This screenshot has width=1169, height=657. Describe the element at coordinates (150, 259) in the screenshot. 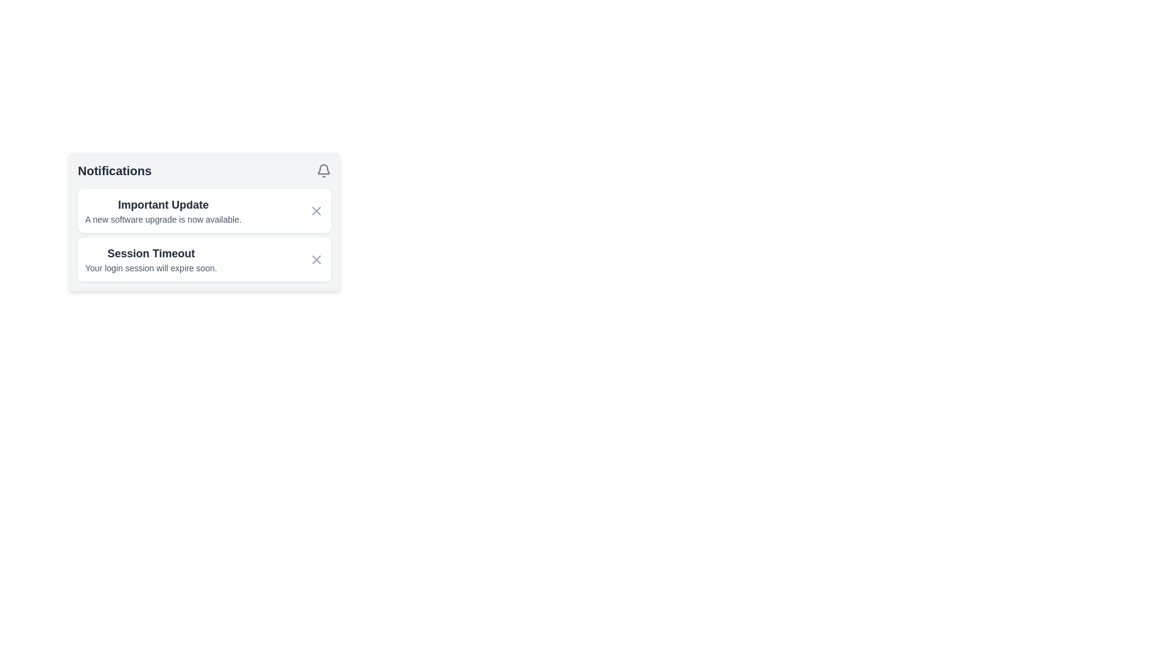

I see `text of the notification card that informs the user about an impending session timeout, which is the second notification in the list beneath the 'Notifications' header` at that location.